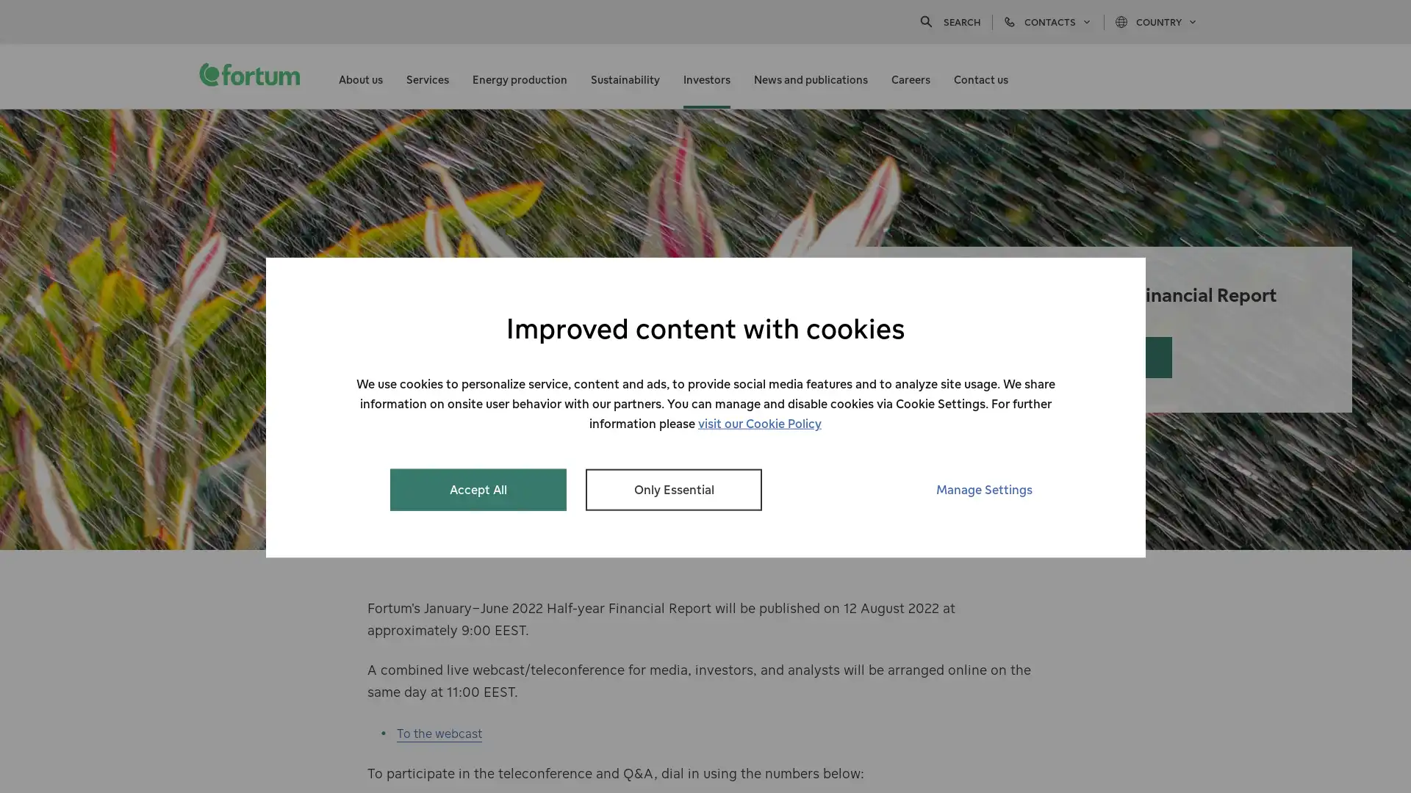 The width and height of the screenshot is (1411, 793). Describe the element at coordinates (478, 489) in the screenshot. I see `Accept All` at that location.